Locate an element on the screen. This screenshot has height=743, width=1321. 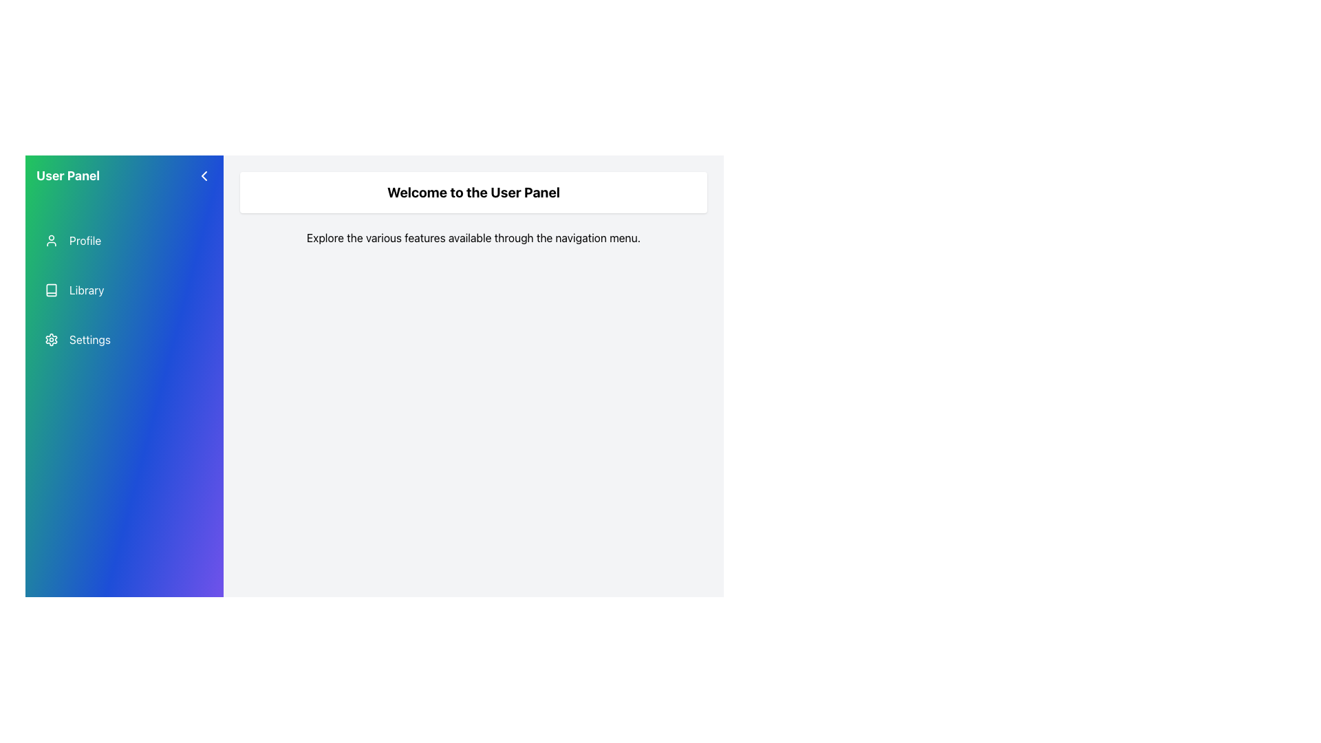
the welcome message text that greets users upon accessing the panel, located near the top center of the main content area, below the navigation menu is located at coordinates (473, 193).